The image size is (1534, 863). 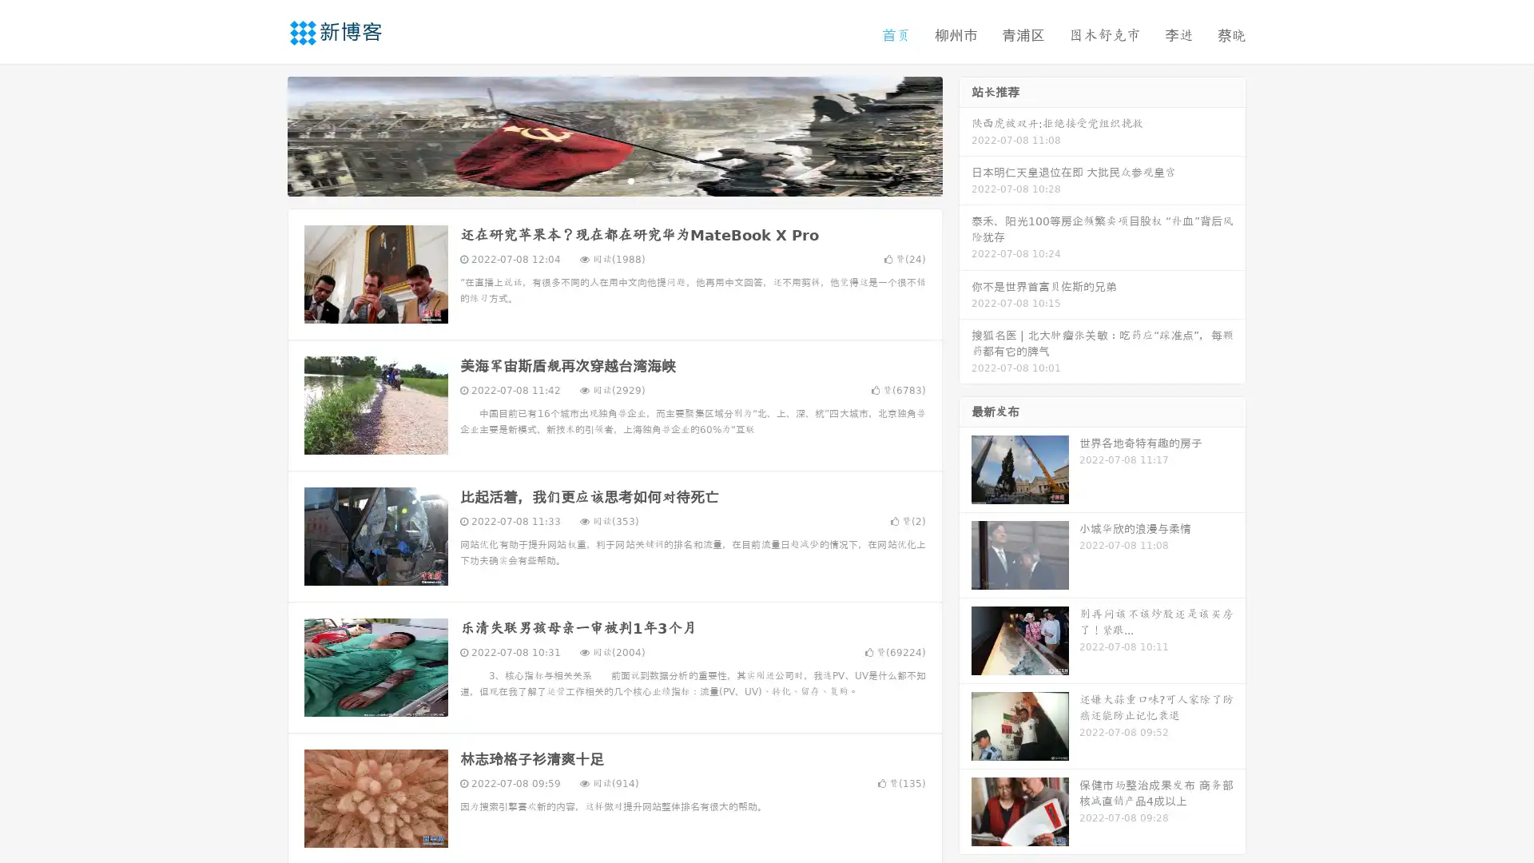 I want to click on Go to slide 2, so click(x=614, y=180).